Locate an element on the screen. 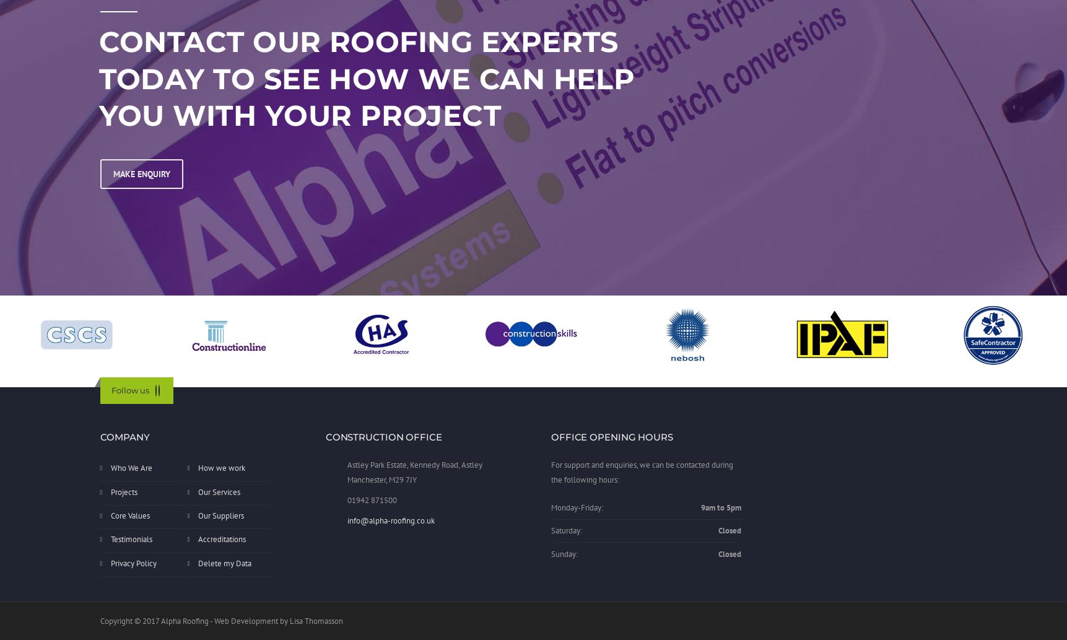 The image size is (1067, 640). 'Astley Park Estate, Kennedy Road, Astley' is located at coordinates (414, 465).